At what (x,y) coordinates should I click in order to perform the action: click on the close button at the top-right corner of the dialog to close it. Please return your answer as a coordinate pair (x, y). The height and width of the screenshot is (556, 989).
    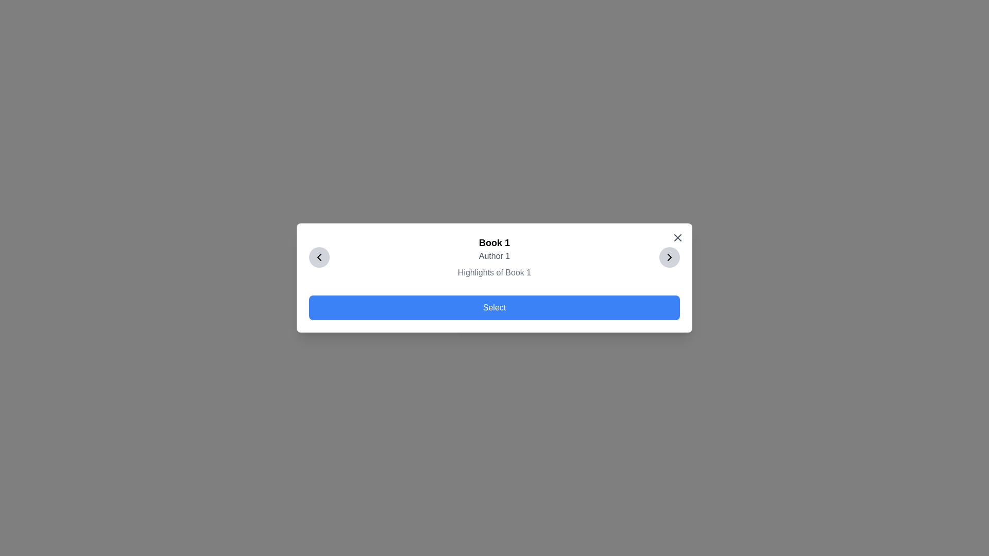
    Looking at the image, I should click on (677, 238).